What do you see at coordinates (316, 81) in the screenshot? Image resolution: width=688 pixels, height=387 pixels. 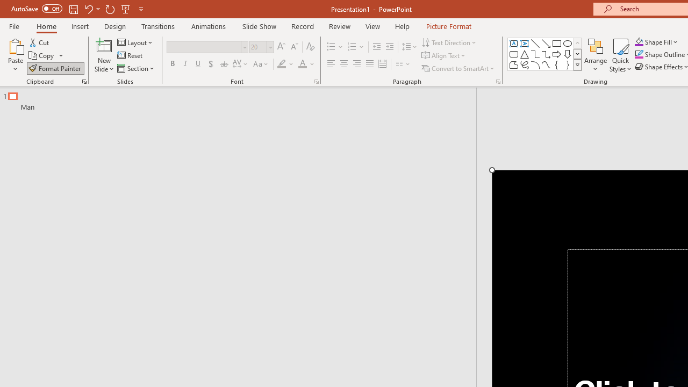 I see `'Font...'` at bounding box center [316, 81].